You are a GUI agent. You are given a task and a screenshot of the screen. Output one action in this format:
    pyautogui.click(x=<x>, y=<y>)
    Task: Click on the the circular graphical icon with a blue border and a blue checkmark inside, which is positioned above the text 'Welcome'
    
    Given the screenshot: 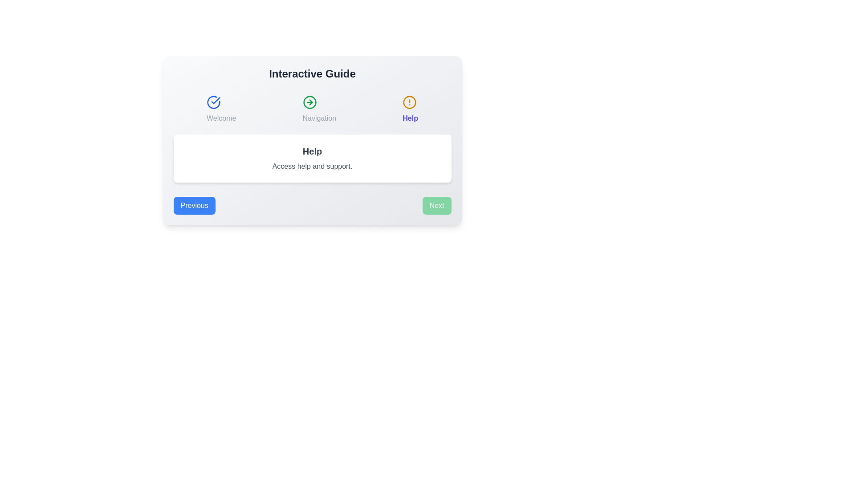 What is the action you would take?
    pyautogui.click(x=214, y=102)
    